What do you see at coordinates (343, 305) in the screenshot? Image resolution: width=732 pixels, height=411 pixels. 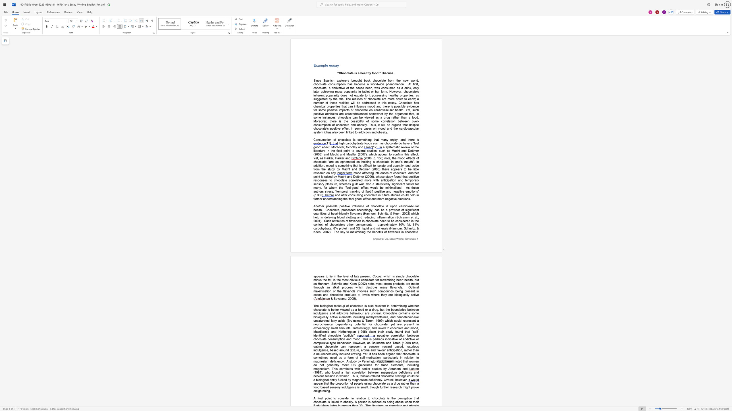 I see `the space between the continuous character "u" and "p" in the text` at bounding box center [343, 305].